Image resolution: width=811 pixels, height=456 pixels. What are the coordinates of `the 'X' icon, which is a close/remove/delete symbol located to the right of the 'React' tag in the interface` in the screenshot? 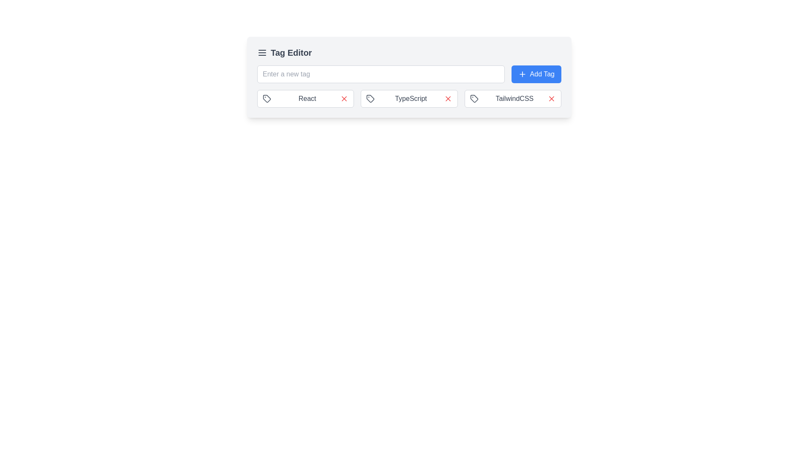 It's located at (344, 98).